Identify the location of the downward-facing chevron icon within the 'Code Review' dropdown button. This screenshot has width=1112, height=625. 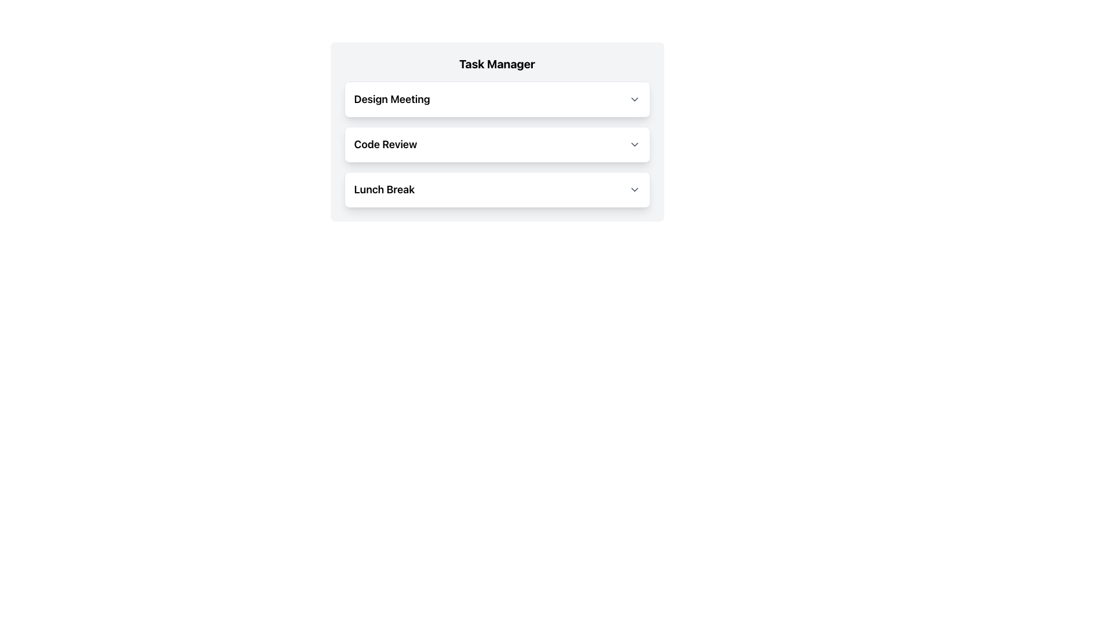
(634, 144).